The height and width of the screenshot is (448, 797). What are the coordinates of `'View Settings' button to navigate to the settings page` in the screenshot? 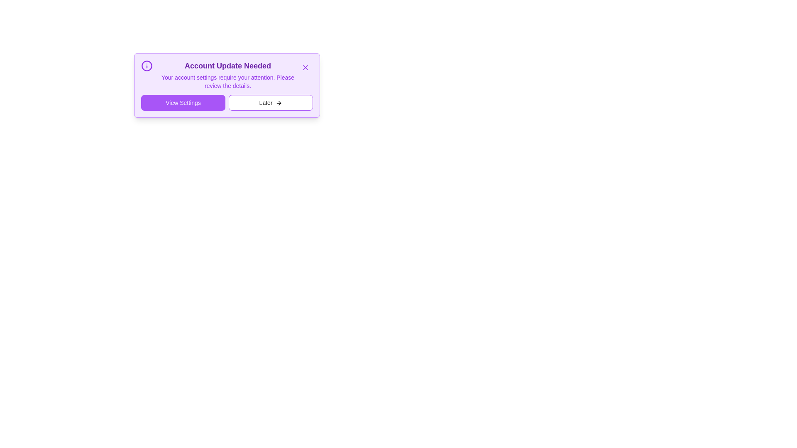 It's located at (183, 102).